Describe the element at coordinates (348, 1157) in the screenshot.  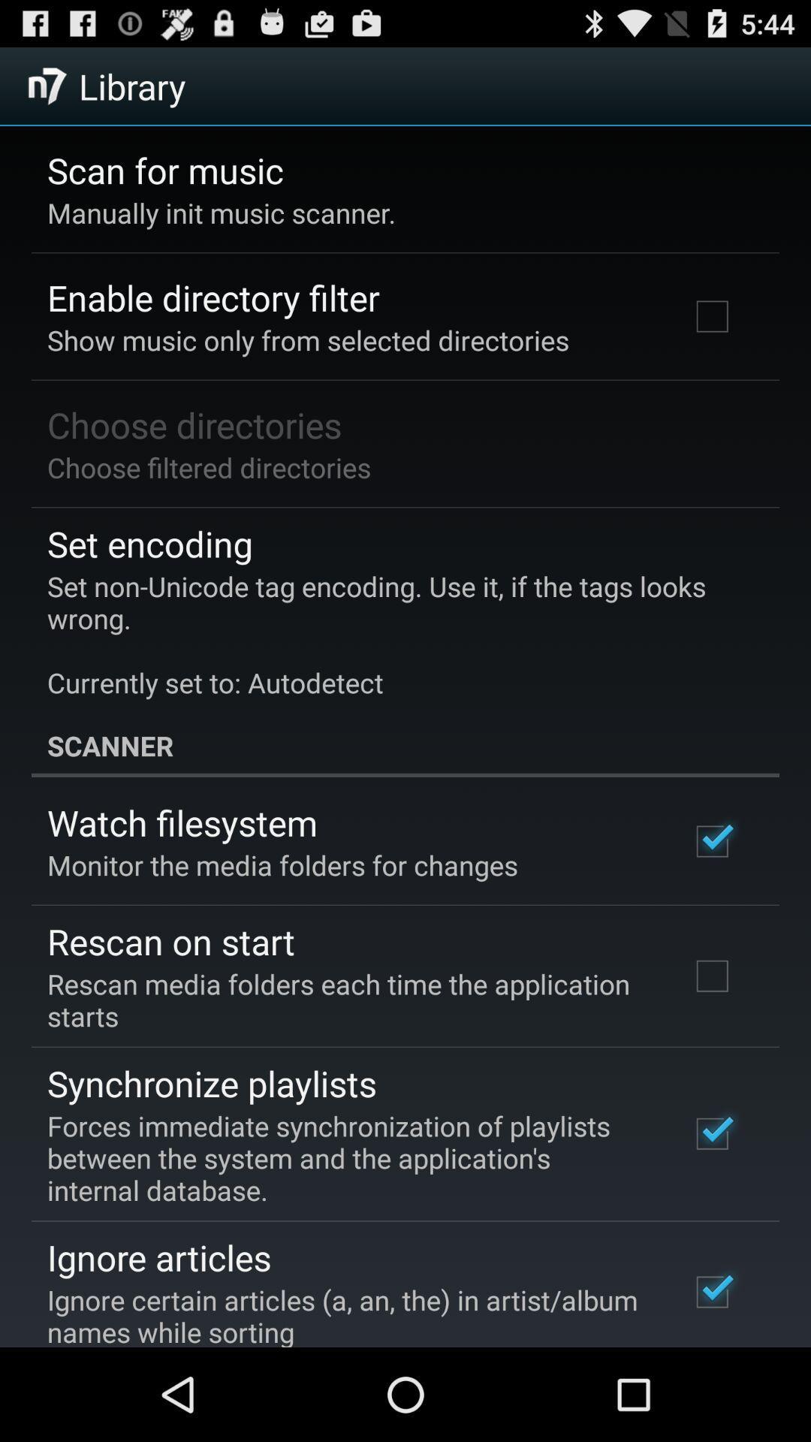
I see `the icon above the ignore articles app` at that location.